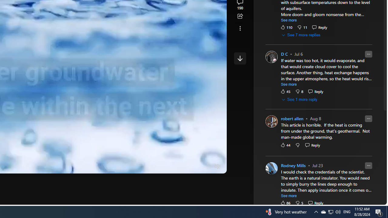 This screenshot has height=218, width=388. Describe the element at coordinates (299, 203) in the screenshot. I see `'Dislike'` at that location.